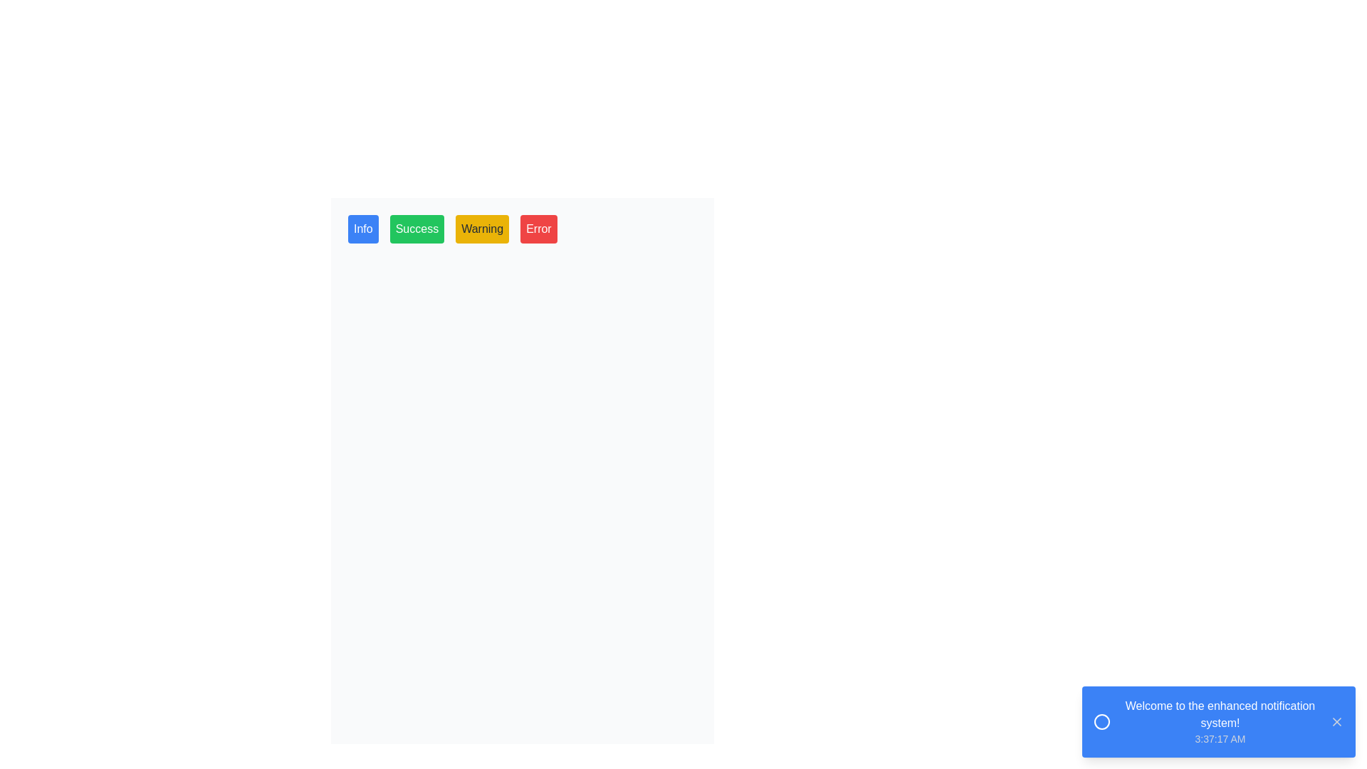 This screenshot has width=1367, height=769. I want to click on the 'Error' button, which is the fourth button in a horizontal button group, so click(538, 228).